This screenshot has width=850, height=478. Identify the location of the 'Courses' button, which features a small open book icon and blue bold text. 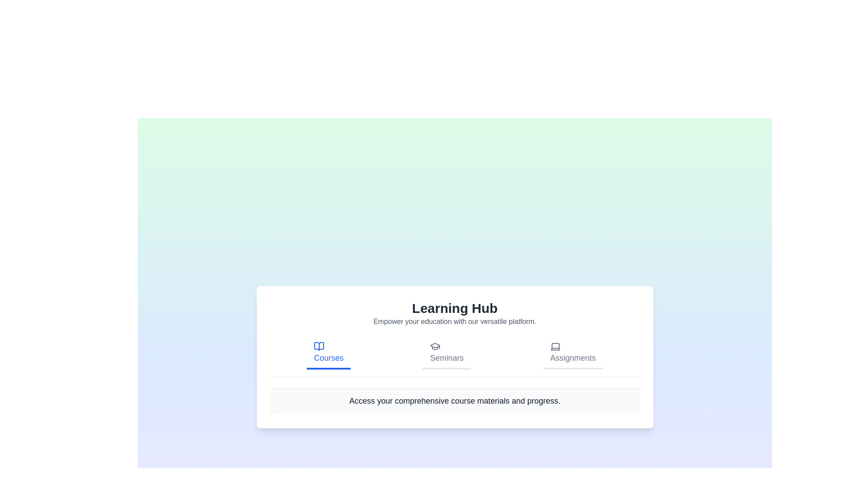
(328, 353).